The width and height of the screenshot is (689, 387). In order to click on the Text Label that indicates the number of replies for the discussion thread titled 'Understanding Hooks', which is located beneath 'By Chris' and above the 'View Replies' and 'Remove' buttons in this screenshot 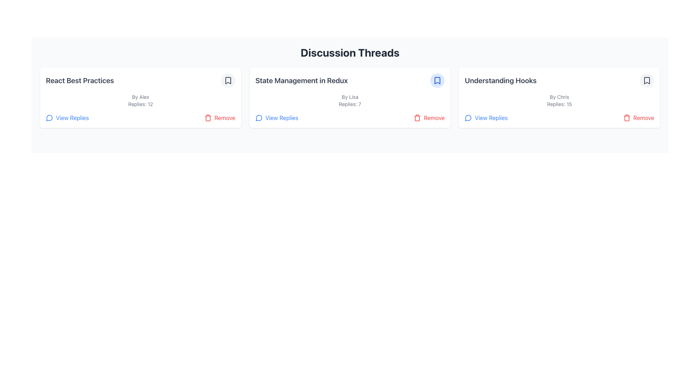, I will do `click(559, 104)`.